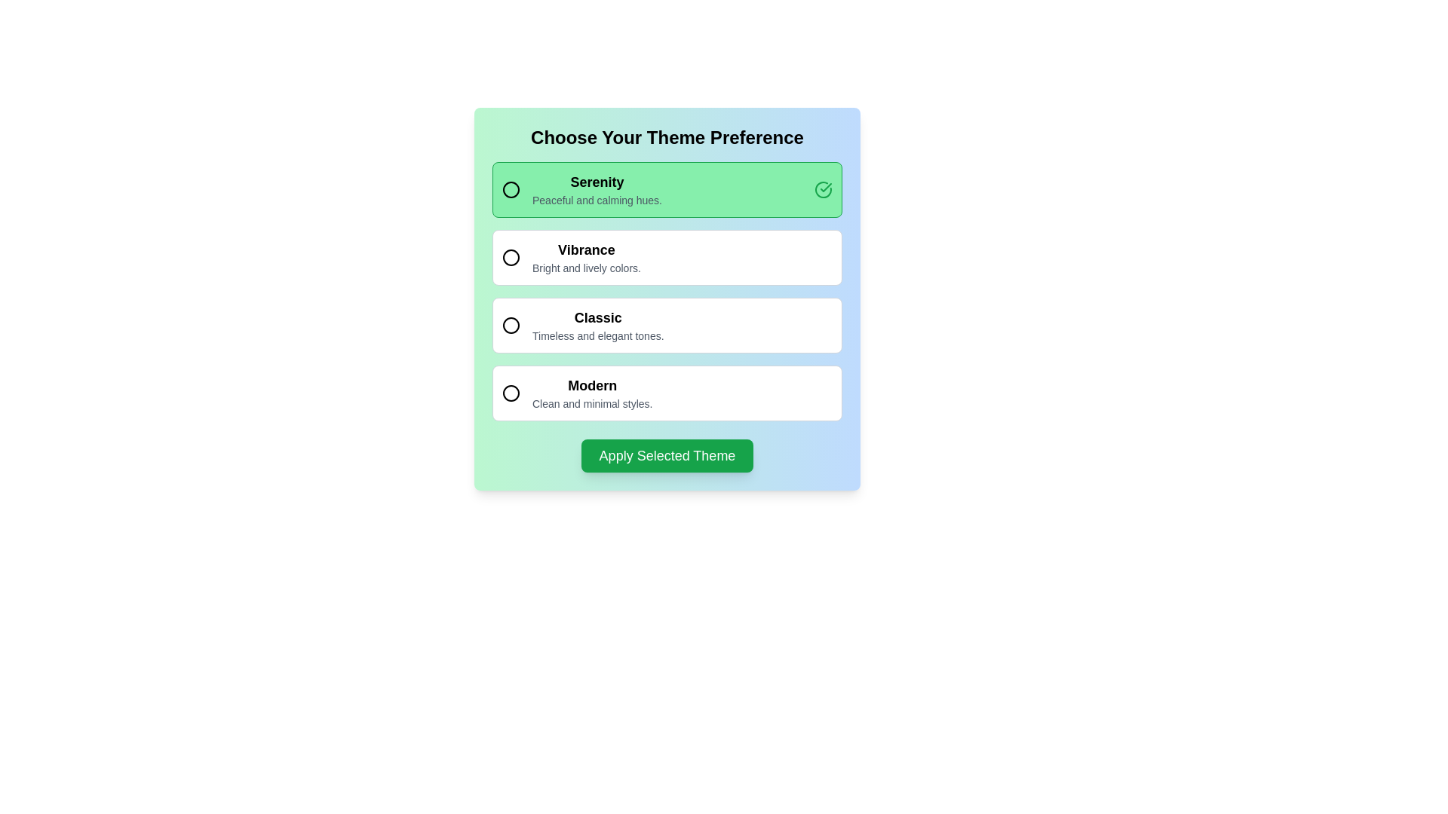 Image resolution: width=1448 pixels, height=814 pixels. I want to click on the center of the circular radio button icon located to the left of the 'Vibrance' label in the second theme selection row, so click(511, 257).